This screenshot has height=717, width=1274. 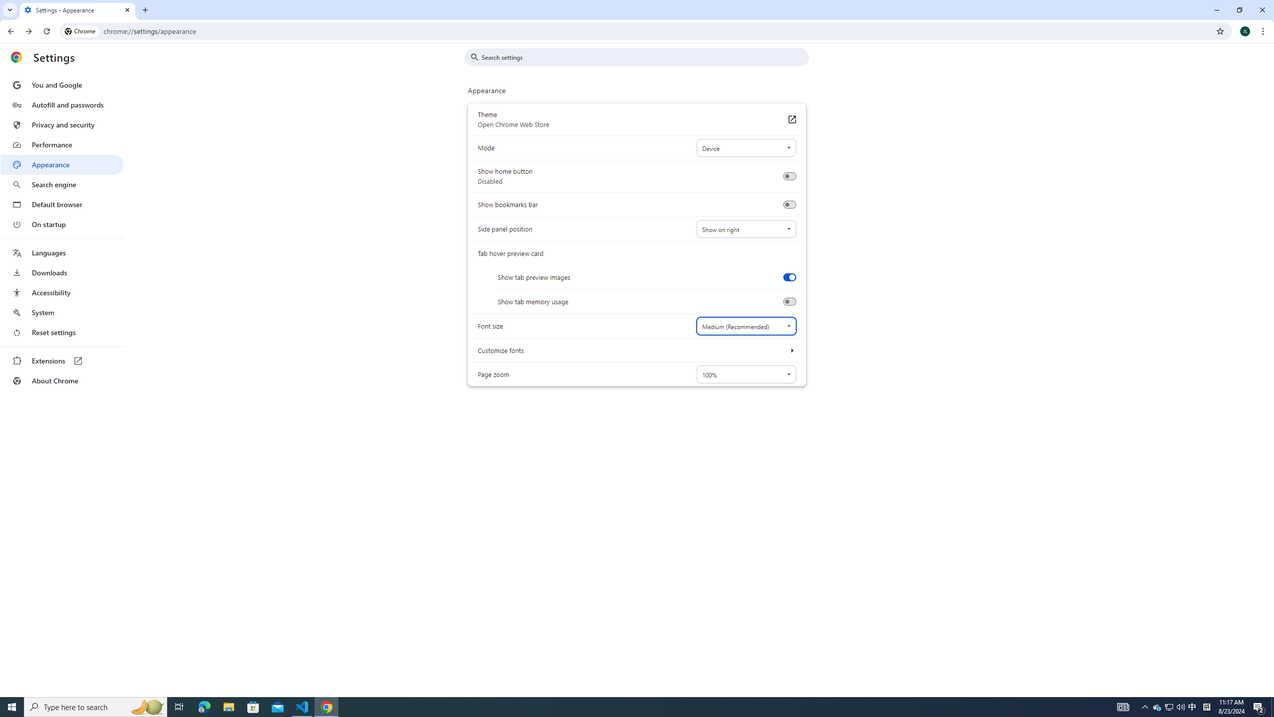 What do you see at coordinates (61, 360) in the screenshot?
I see `'Extensions'` at bounding box center [61, 360].